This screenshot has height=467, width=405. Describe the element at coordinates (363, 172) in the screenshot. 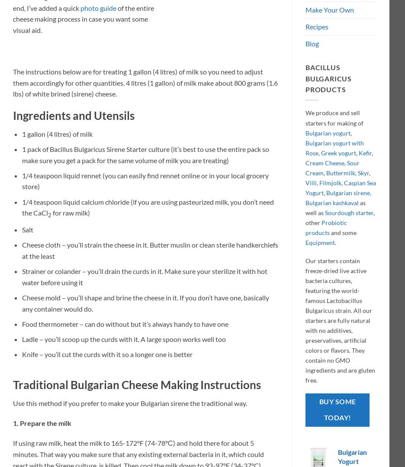

I see `'Skyr'` at that location.